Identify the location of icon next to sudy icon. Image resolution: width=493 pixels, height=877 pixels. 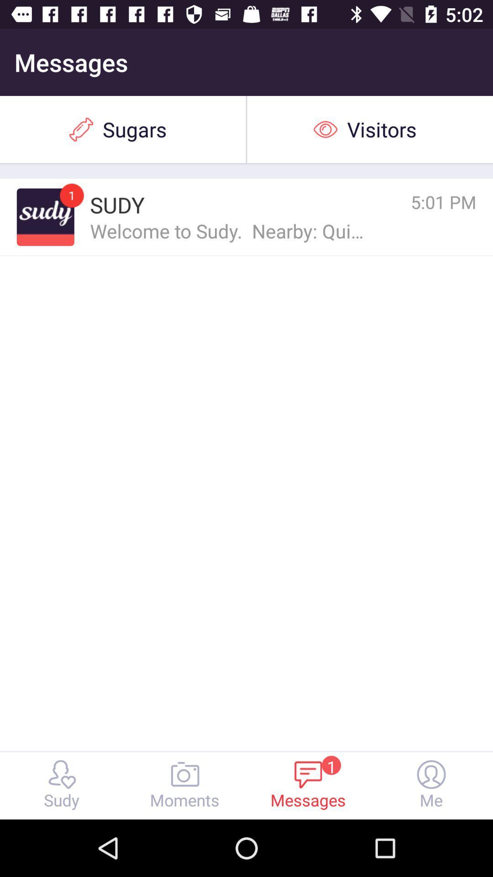
(403, 201).